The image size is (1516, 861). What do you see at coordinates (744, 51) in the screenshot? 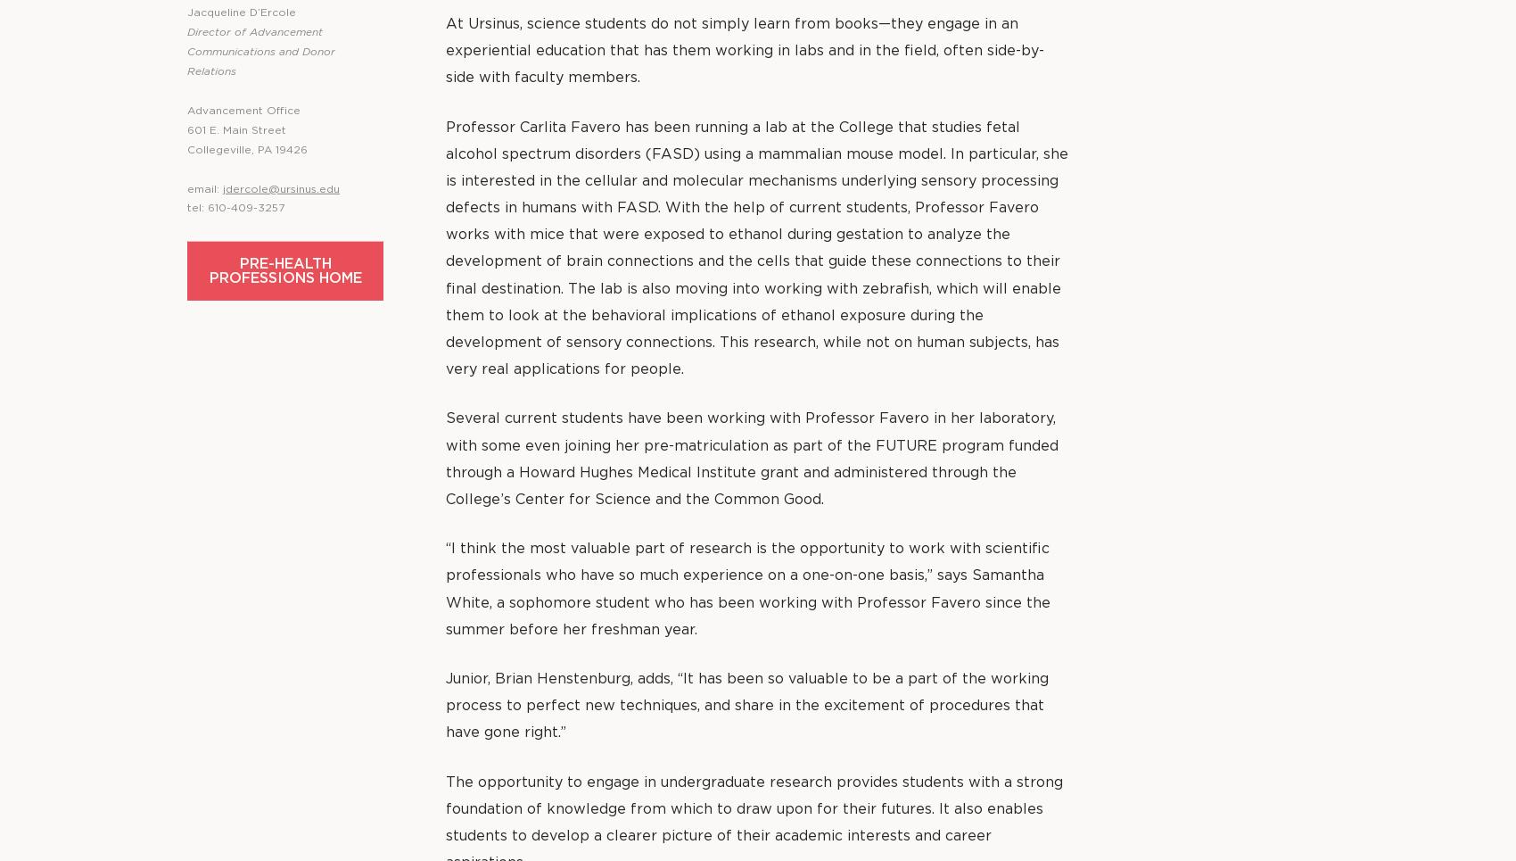
I see `'At Ursinus, science students do not simply learn from books—they engage in an experiential education that has them working in labs and in the field, often side-by-side with faculty members.'` at bounding box center [744, 51].